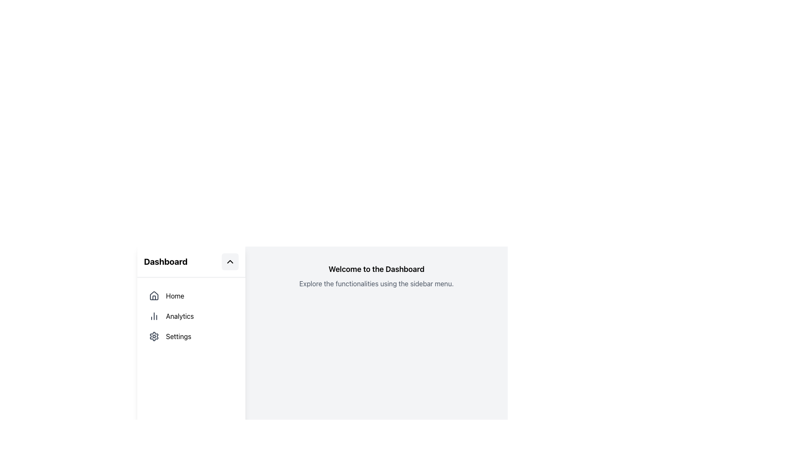 The height and width of the screenshot is (456, 811). What do you see at coordinates (191, 316) in the screenshot?
I see `the 'Analytics' navigation menu item in the sidebar to activate the hover style` at bounding box center [191, 316].